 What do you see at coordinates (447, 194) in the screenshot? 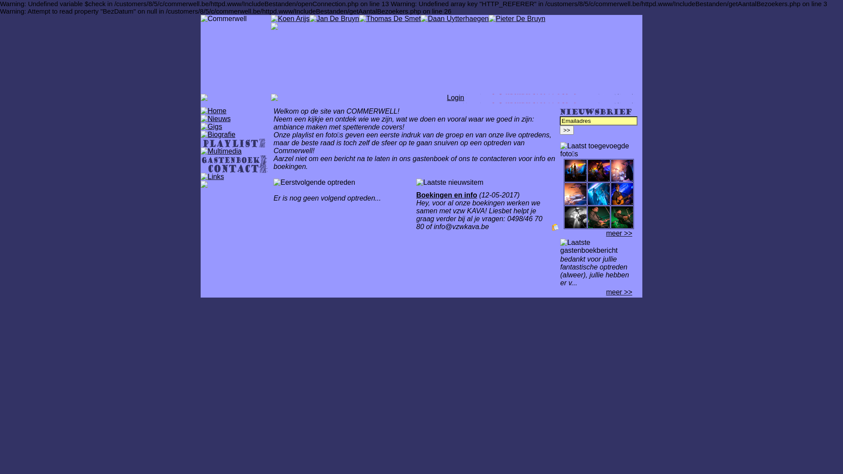
I see `'Boekingen en info'` at bounding box center [447, 194].